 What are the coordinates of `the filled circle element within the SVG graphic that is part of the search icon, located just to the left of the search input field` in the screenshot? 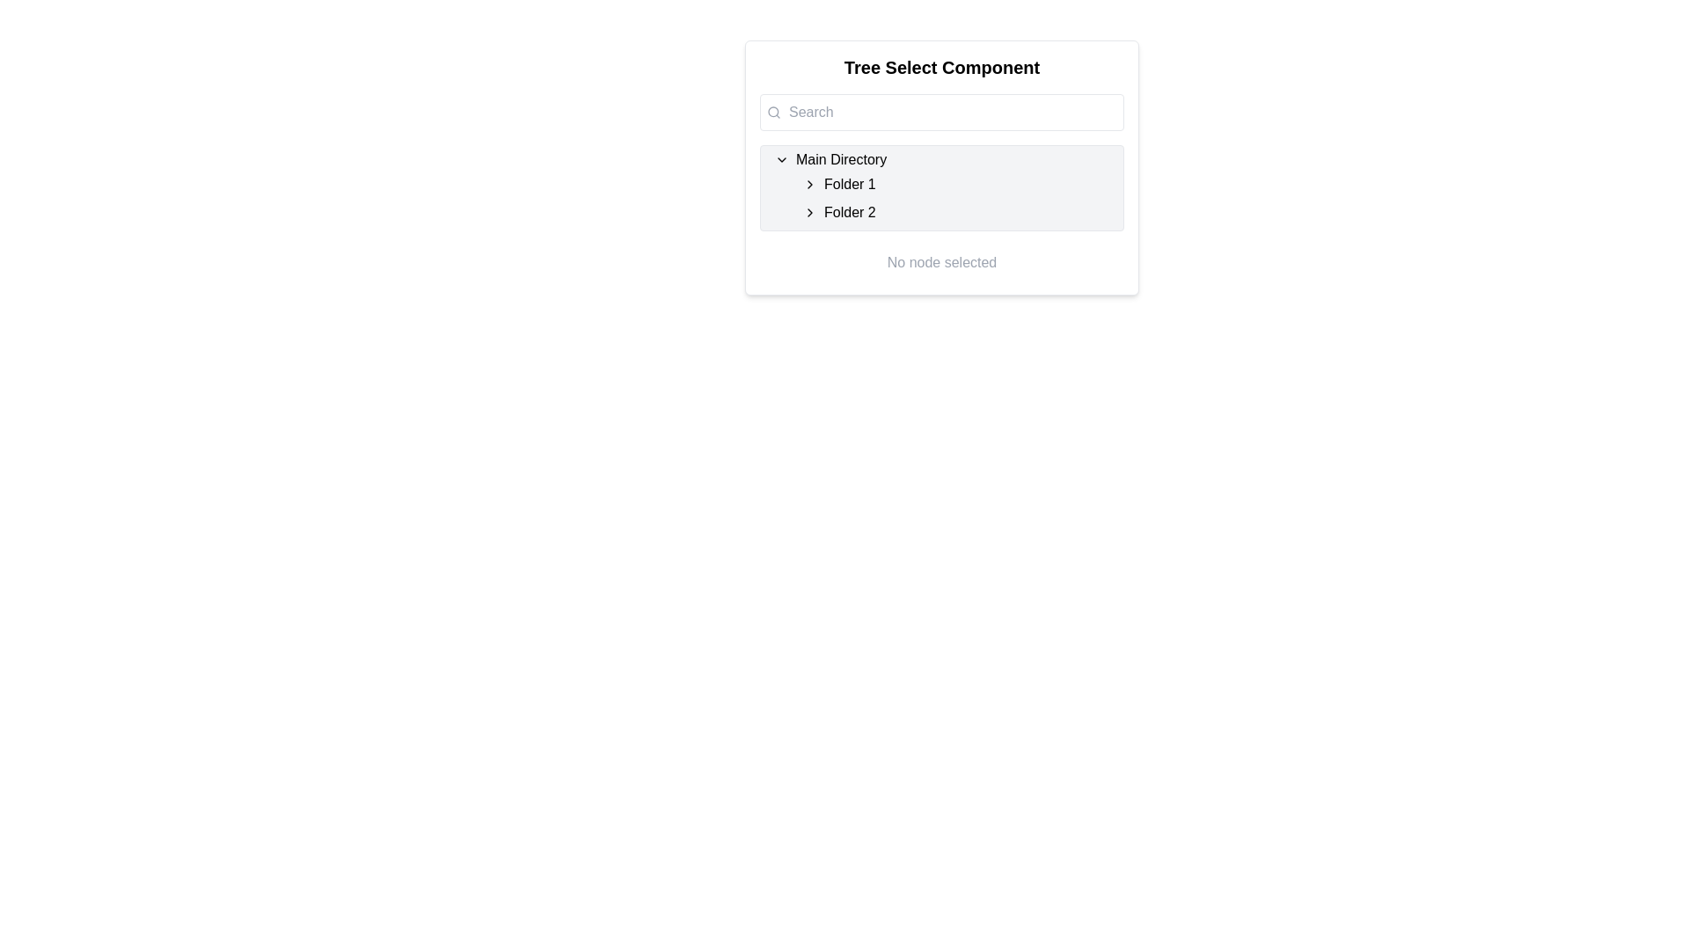 It's located at (773, 112).